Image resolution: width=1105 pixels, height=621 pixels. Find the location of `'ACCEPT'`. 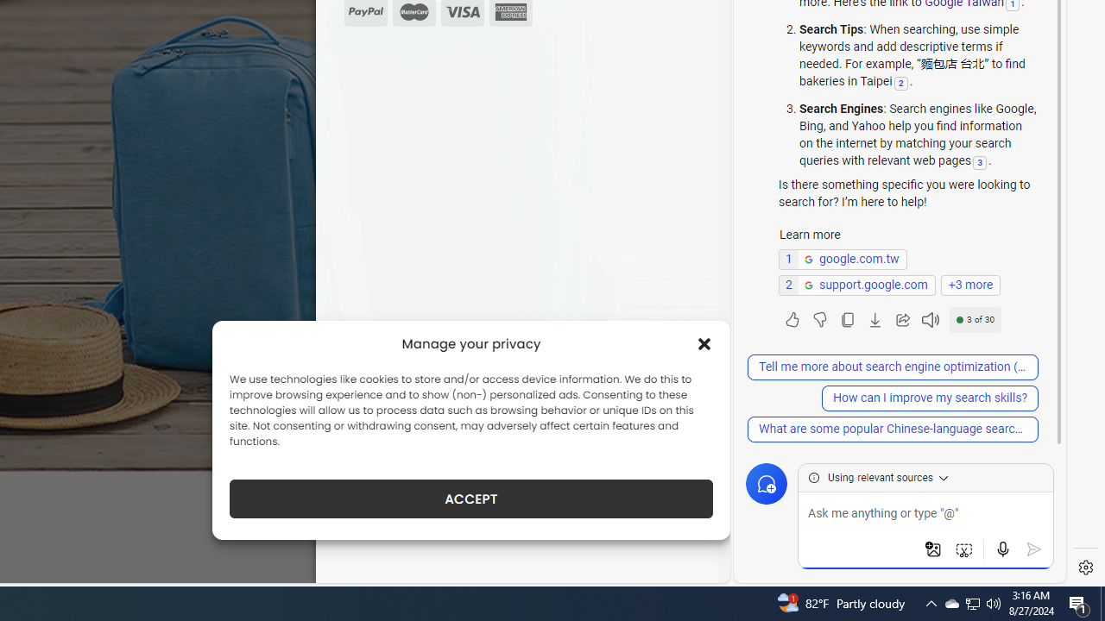

'ACCEPT' is located at coordinates (470, 499).